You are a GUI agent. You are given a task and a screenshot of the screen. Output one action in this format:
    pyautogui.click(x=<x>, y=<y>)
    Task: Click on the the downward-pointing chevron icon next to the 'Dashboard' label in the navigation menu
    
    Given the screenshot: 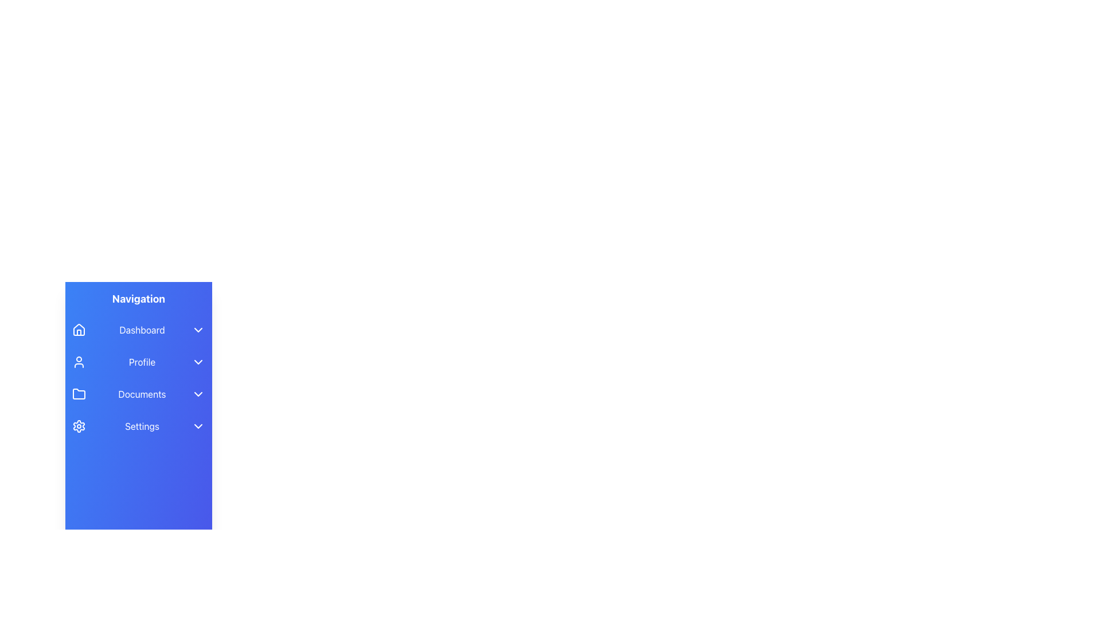 What is the action you would take?
    pyautogui.click(x=198, y=330)
    